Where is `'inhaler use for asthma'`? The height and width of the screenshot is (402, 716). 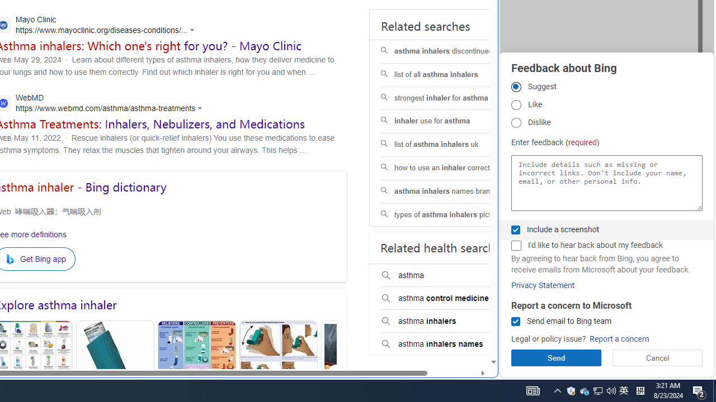 'inhaler use for asthma' is located at coordinates (451, 122).